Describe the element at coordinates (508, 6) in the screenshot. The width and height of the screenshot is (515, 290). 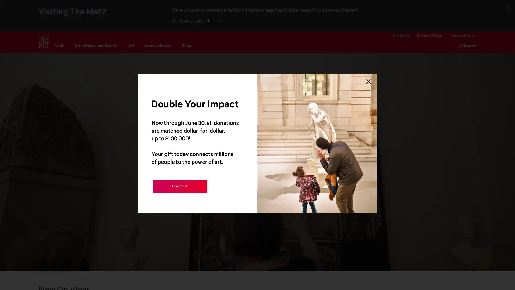
I see `Close` at that location.